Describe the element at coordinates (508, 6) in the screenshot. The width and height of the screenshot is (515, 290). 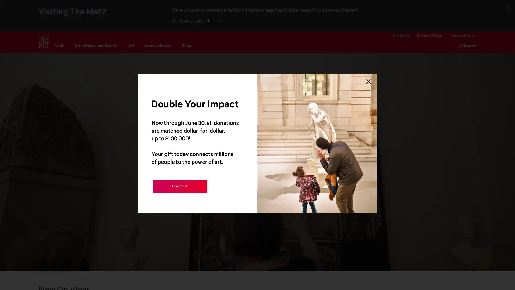
I see `Close` at that location.